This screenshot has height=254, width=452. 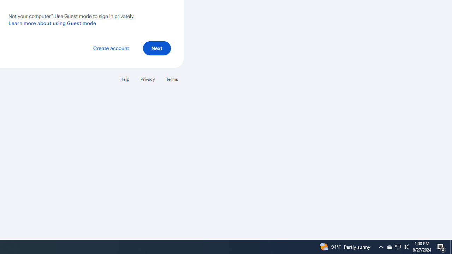 What do you see at coordinates (147, 79) in the screenshot?
I see `'Privacy'` at bounding box center [147, 79].